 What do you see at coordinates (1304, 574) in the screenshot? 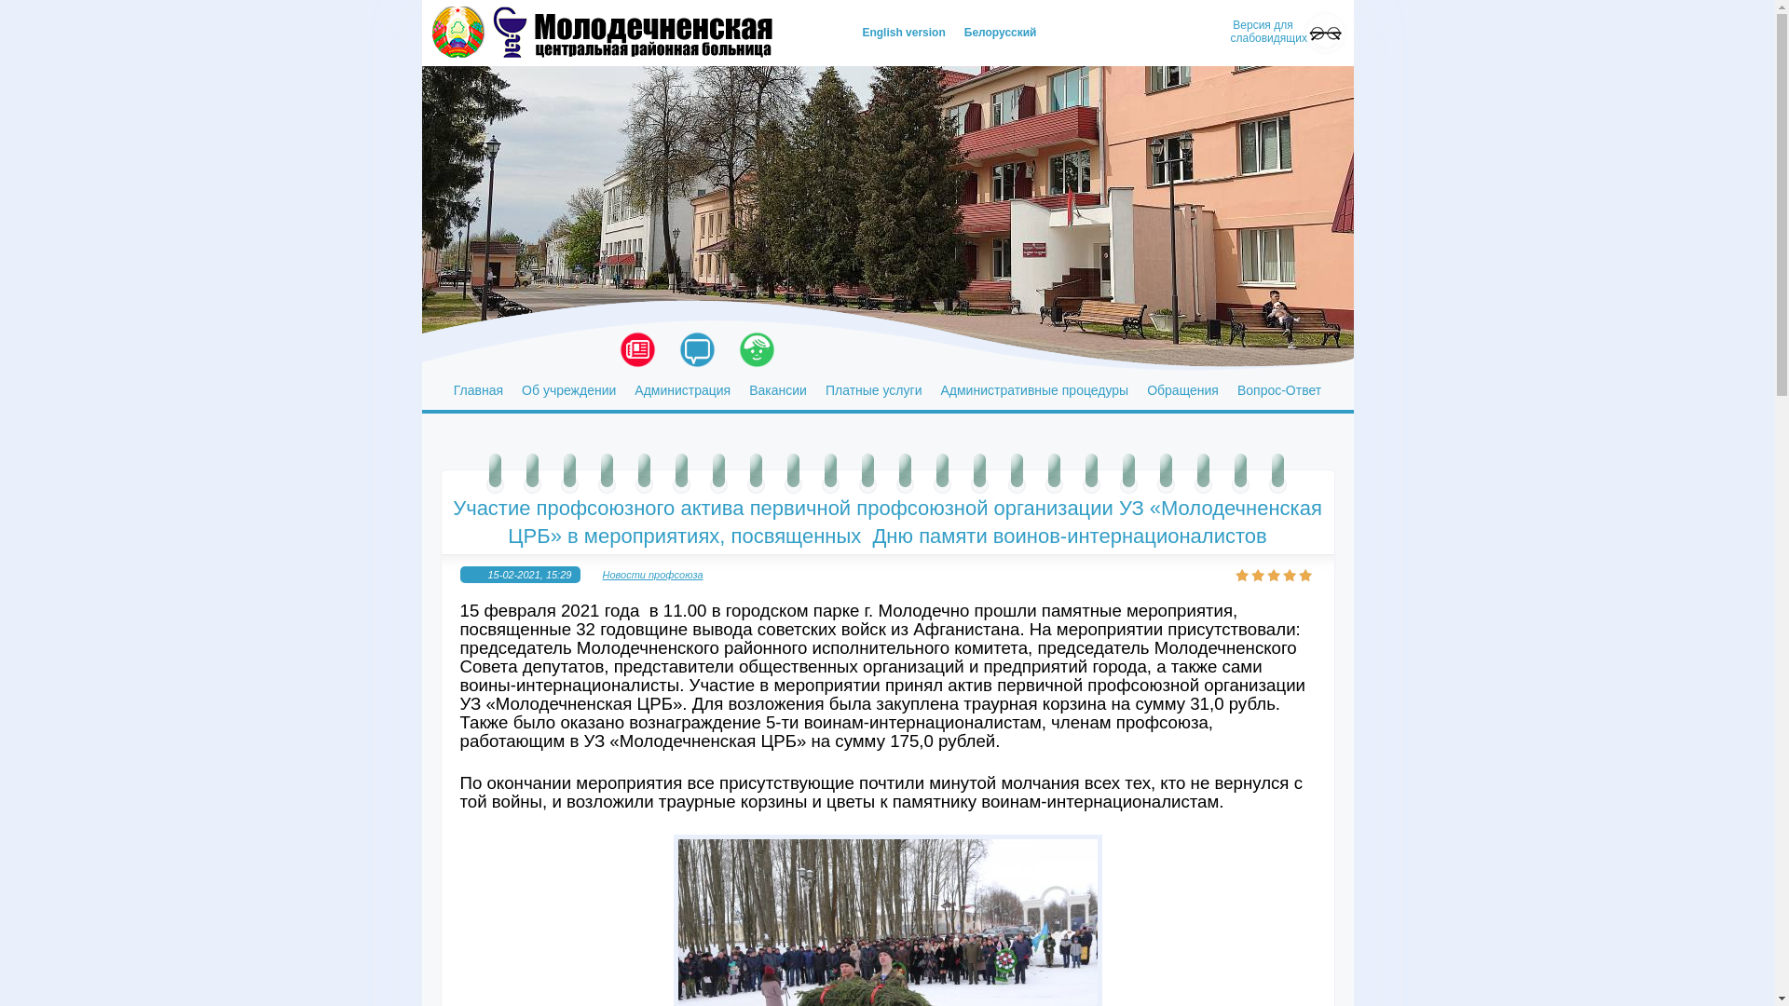
I see `'5'` at bounding box center [1304, 574].